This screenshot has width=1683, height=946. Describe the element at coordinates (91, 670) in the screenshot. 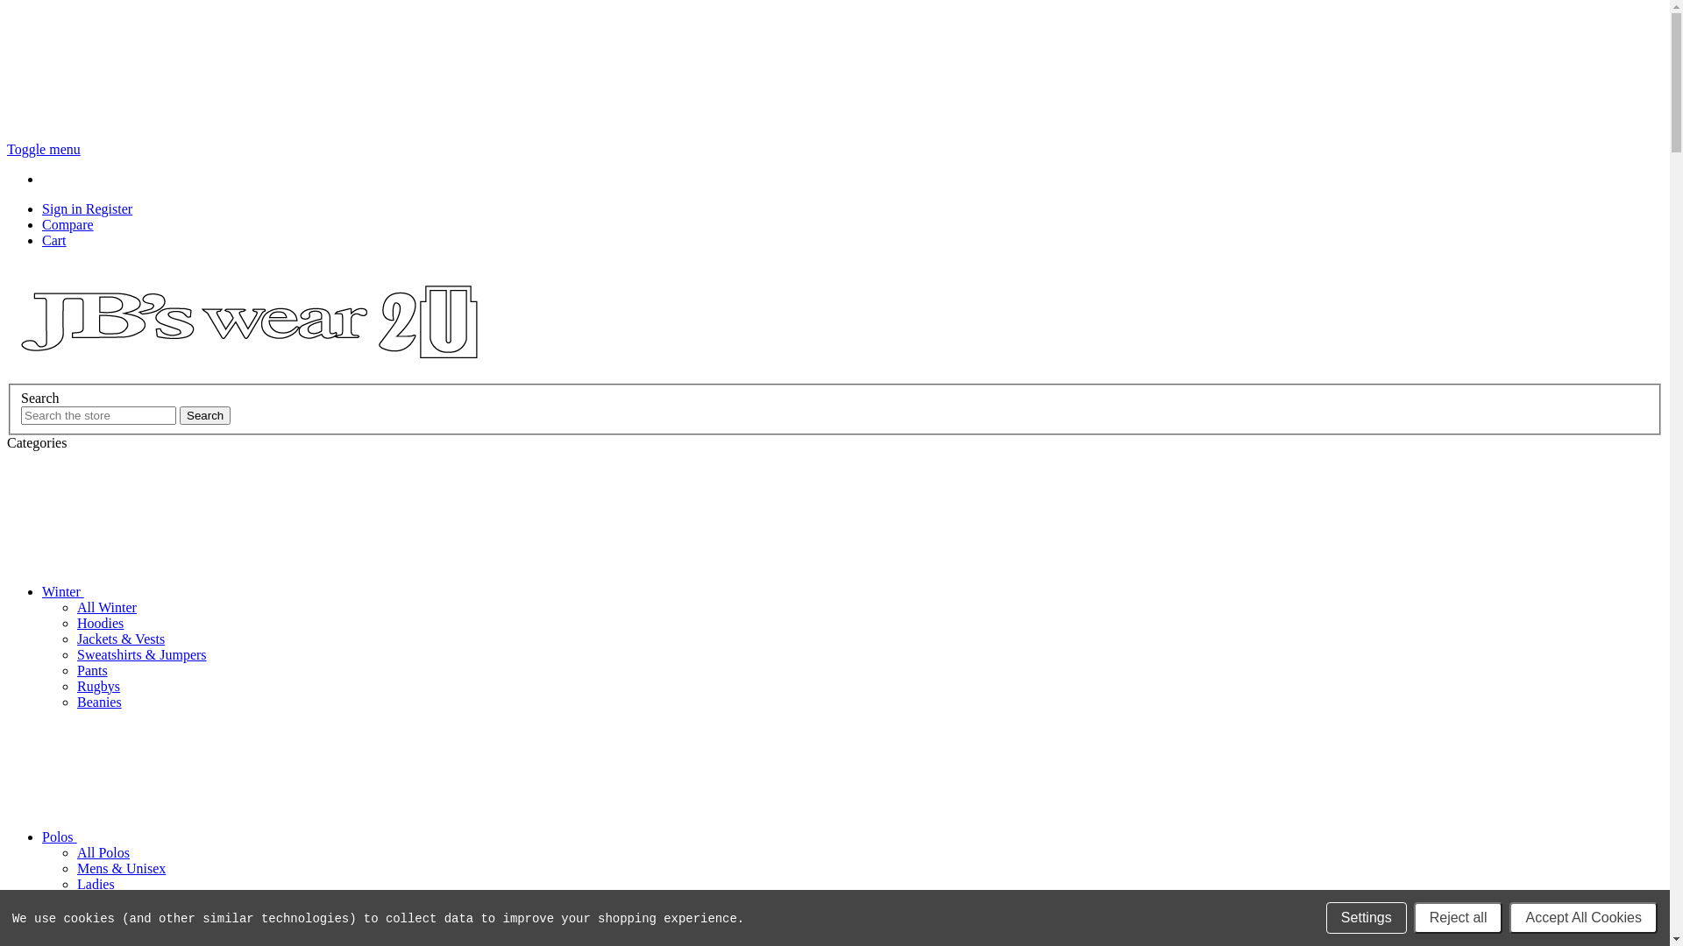

I see `'Pants'` at that location.